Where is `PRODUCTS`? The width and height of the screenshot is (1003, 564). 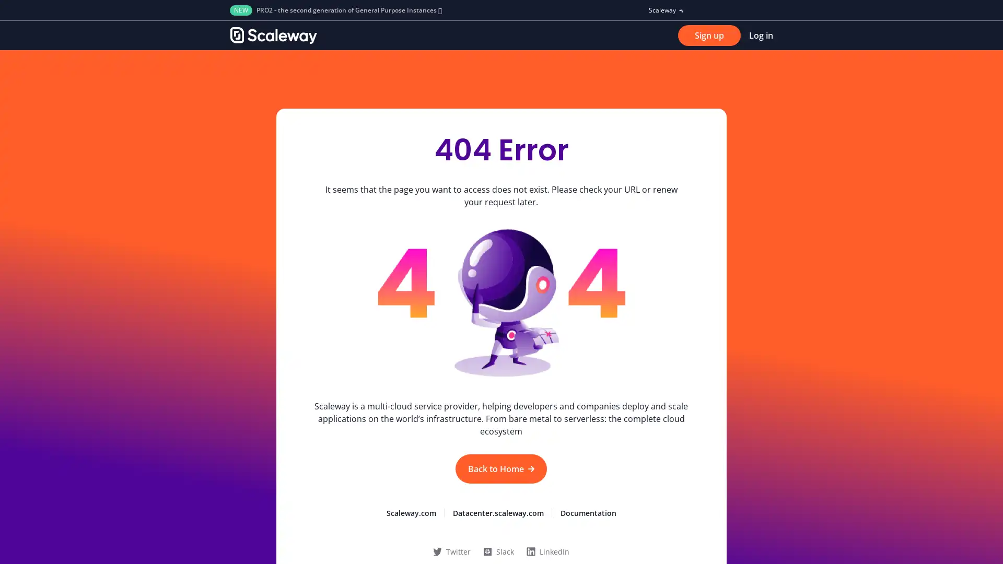 PRODUCTS is located at coordinates (355, 35).